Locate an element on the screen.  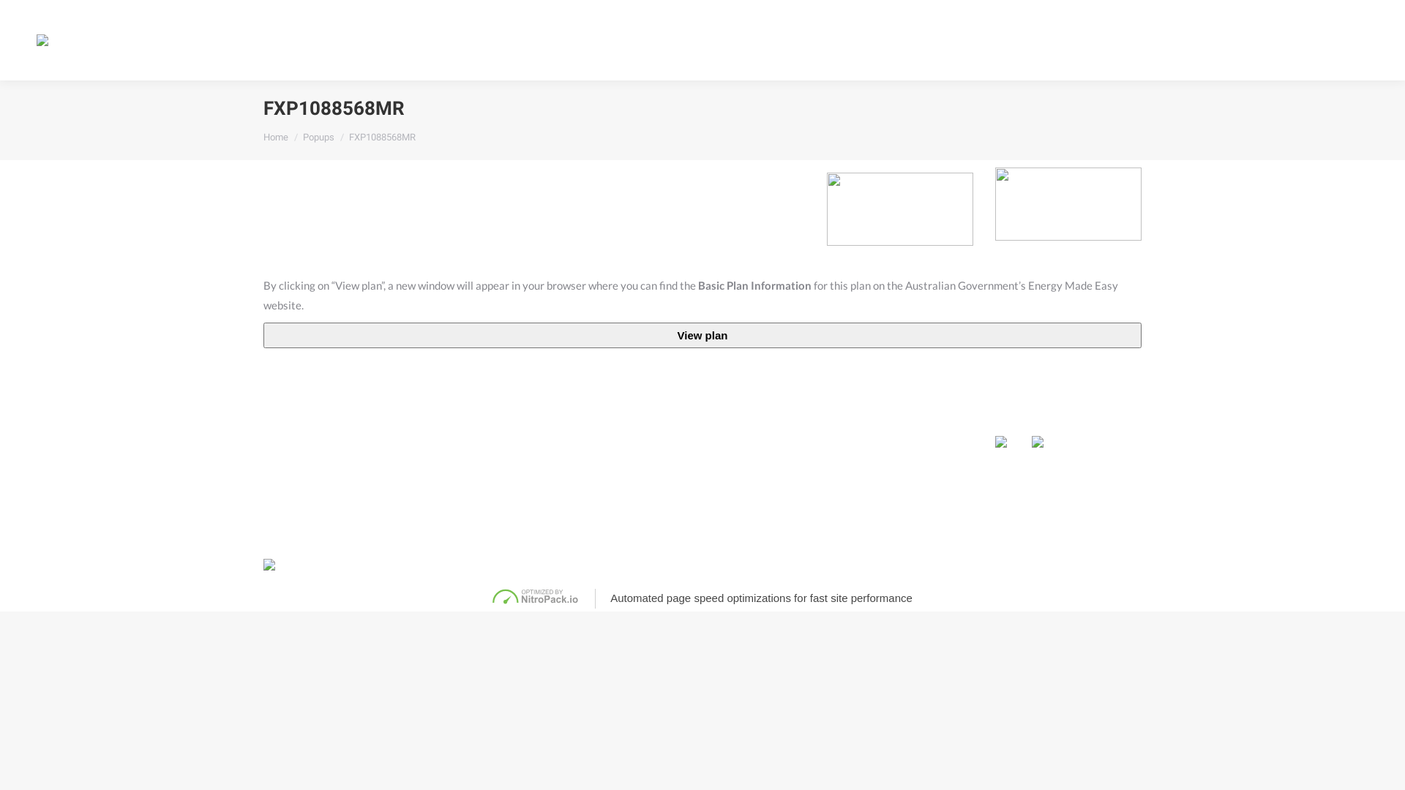
'Help Center' is located at coordinates (1084, 39).